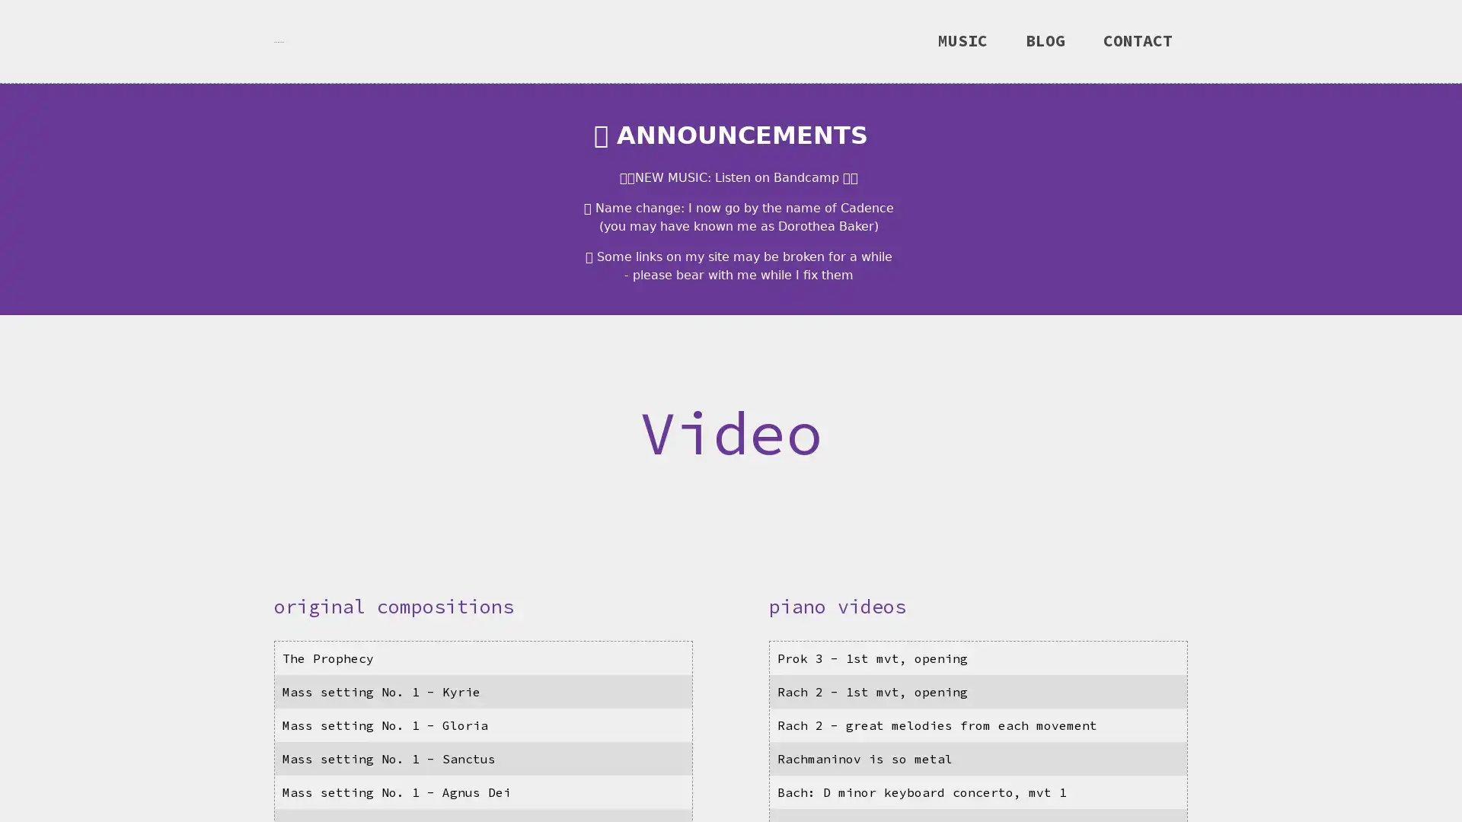 The width and height of the screenshot is (1462, 822). What do you see at coordinates (978, 791) in the screenshot?
I see `video: Bach: D minor keyboard concerto, mvt 1` at bounding box center [978, 791].